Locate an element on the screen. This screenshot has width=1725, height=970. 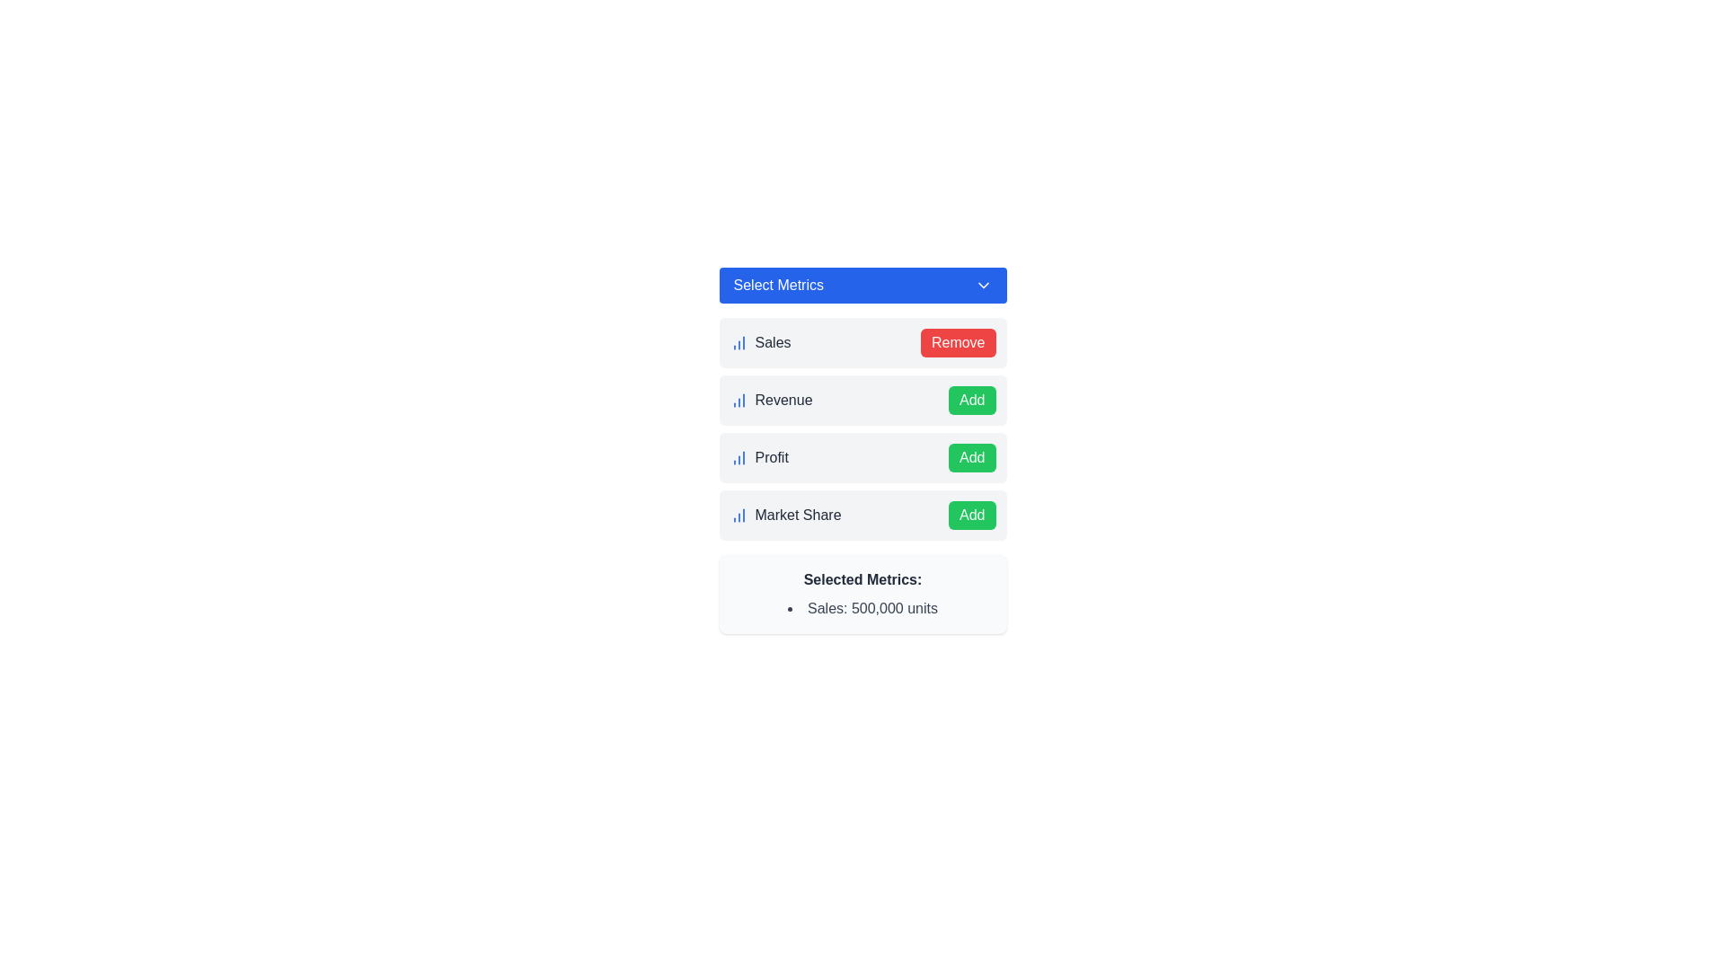
the text label displaying the selected metric of 'Sales' with a current value of 500,000 units, which is the only bullet point entry below the header 'Selected Metrics' is located at coordinates (862, 608).